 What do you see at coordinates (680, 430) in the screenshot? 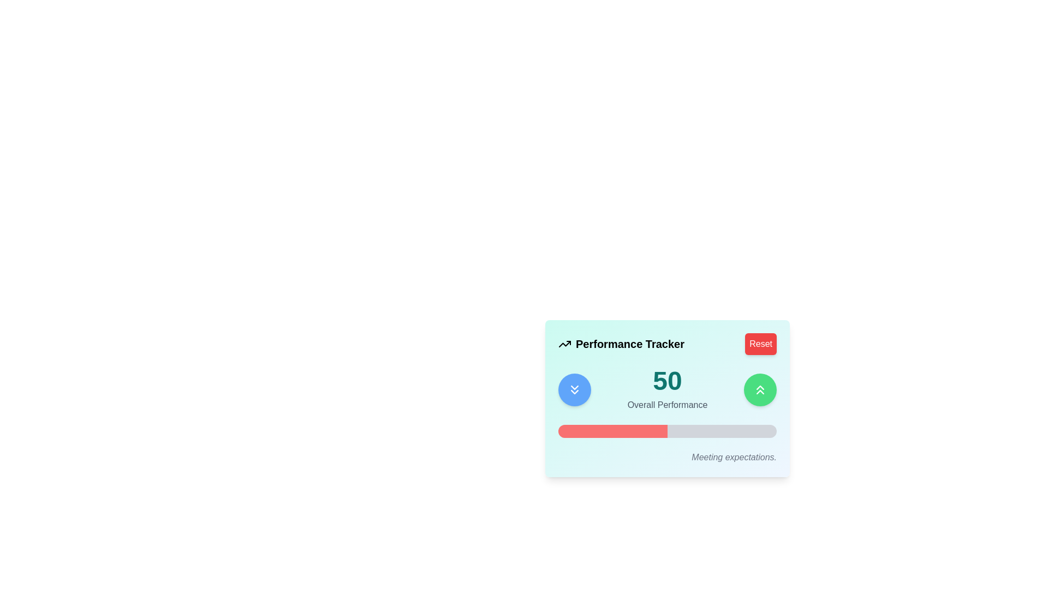
I see `performance level` at bounding box center [680, 430].